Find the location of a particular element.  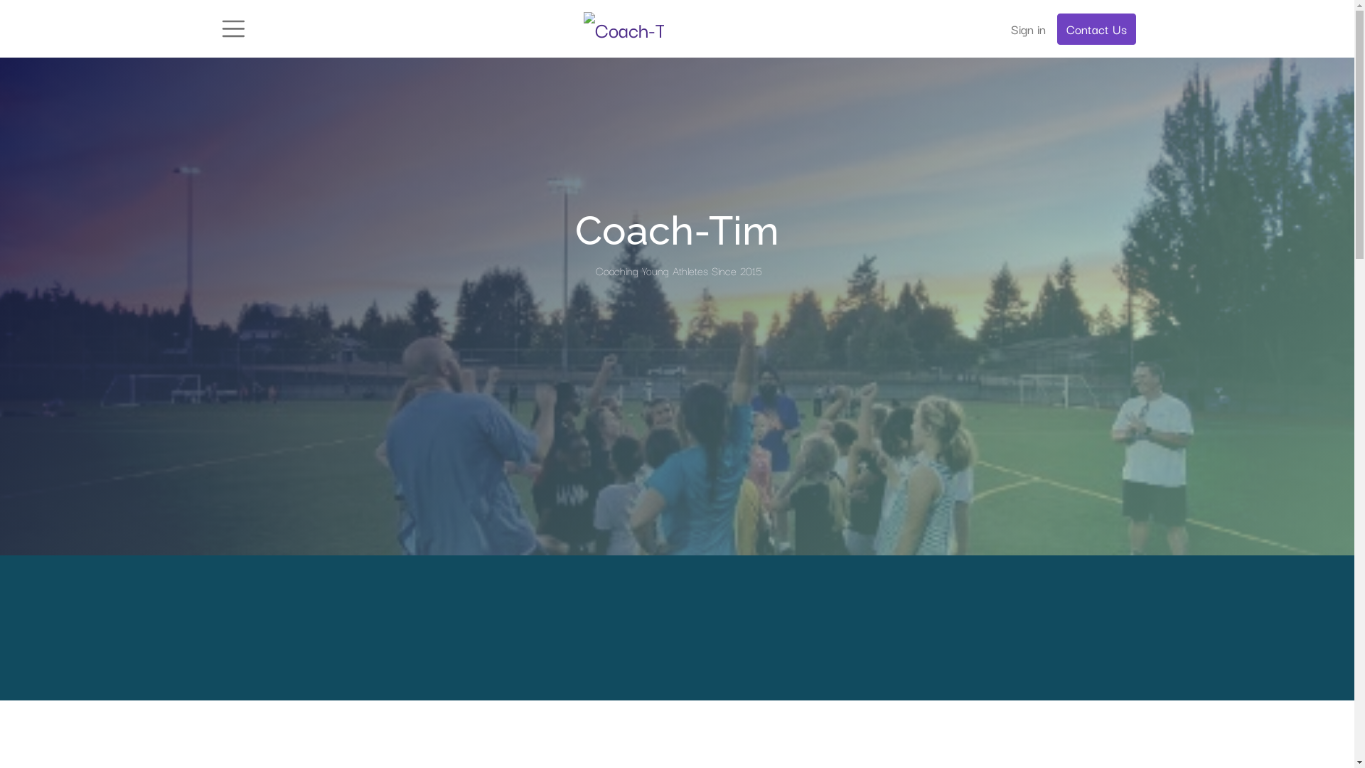

'Coach-Tim.com' is located at coordinates (583, 29).